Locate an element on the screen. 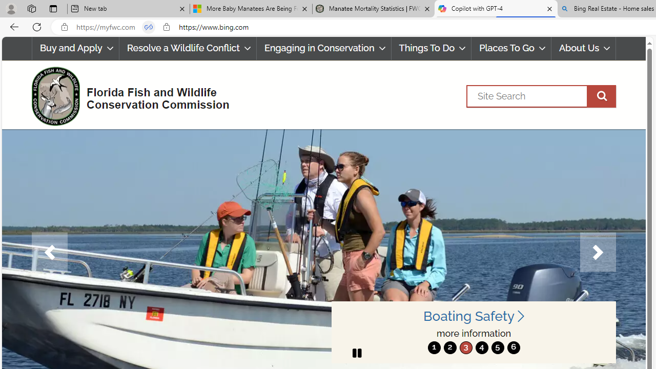 This screenshot has height=369, width=656. 'Previous' is located at coordinates (49, 252).